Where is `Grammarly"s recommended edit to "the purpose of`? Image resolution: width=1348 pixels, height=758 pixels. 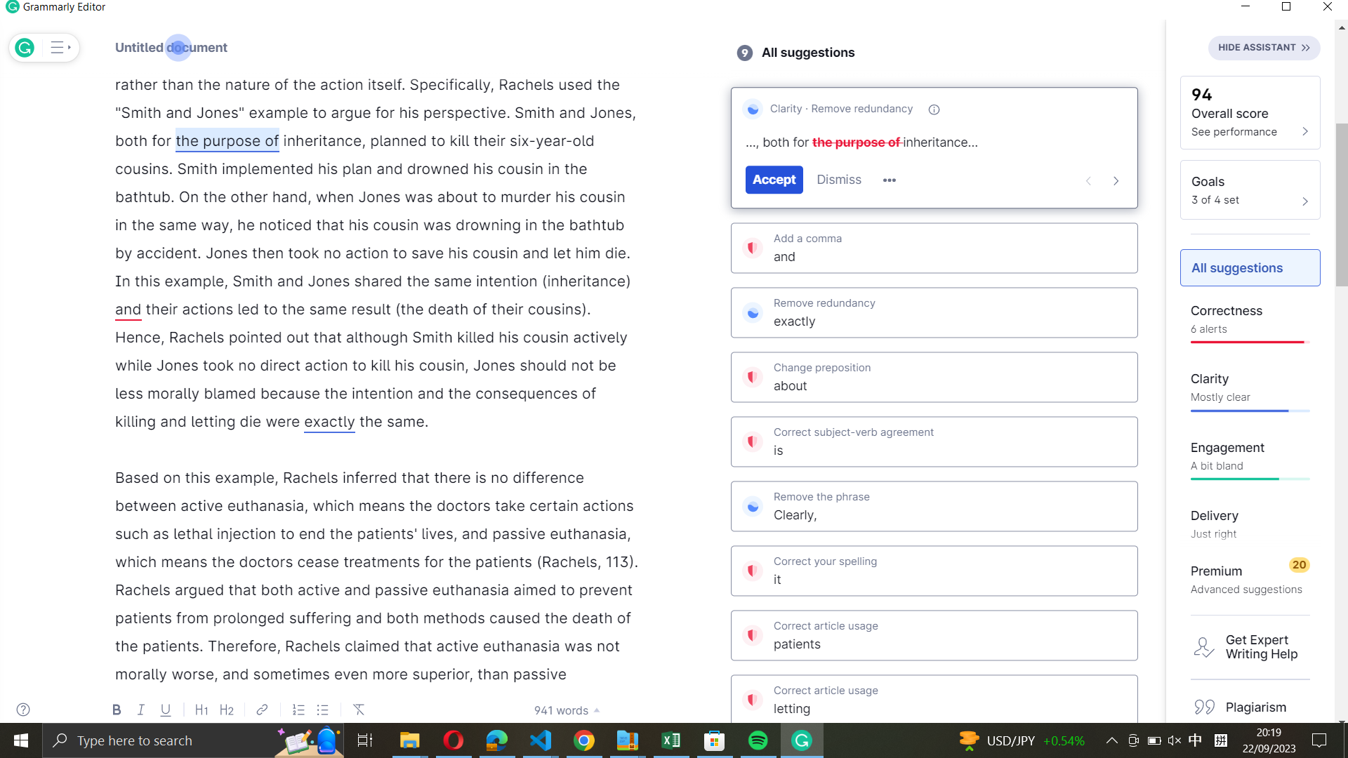 Grammarly"s recommended edit to "the purpose of is located at coordinates (772, 178).